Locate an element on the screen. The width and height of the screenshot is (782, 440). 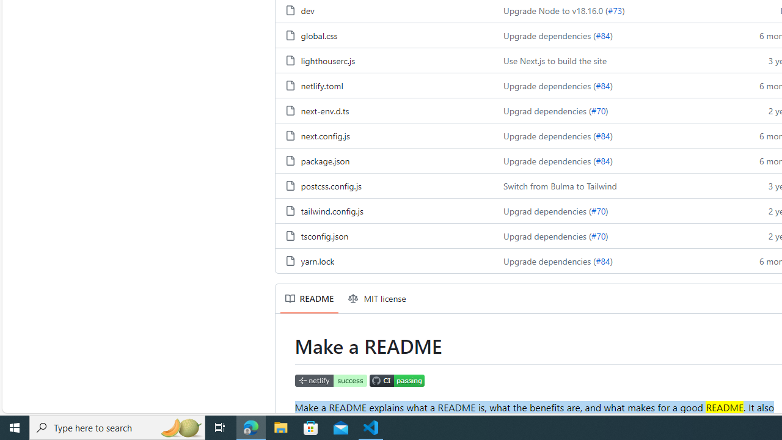
'README' is located at coordinates (309, 298).